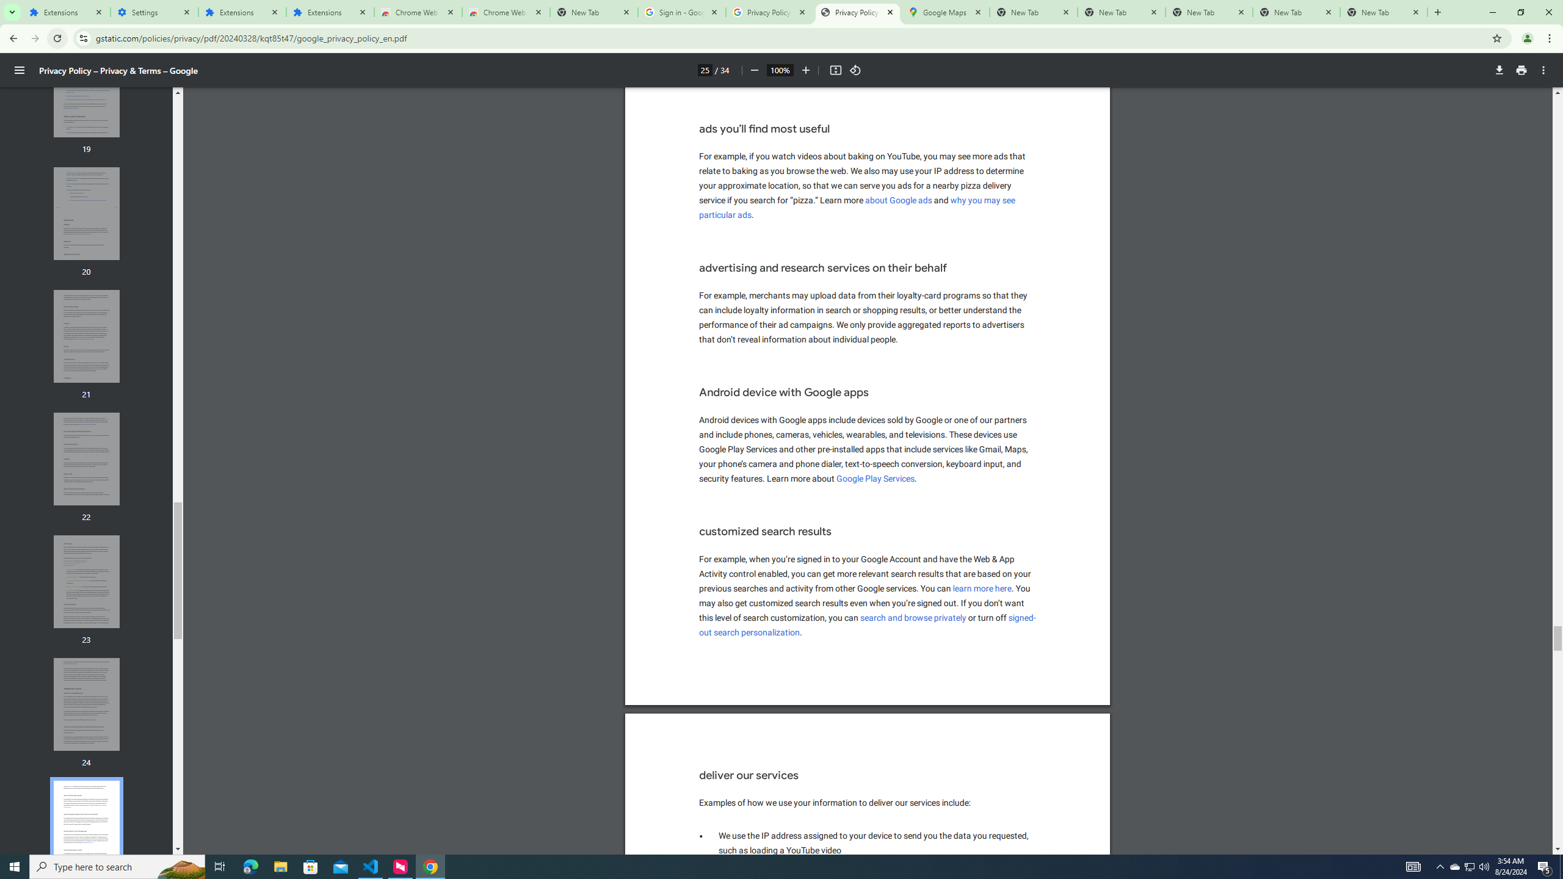  Describe the element at coordinates (87, 91) in the screenshot. I see `'Thumbnail for page 19'` at that location.